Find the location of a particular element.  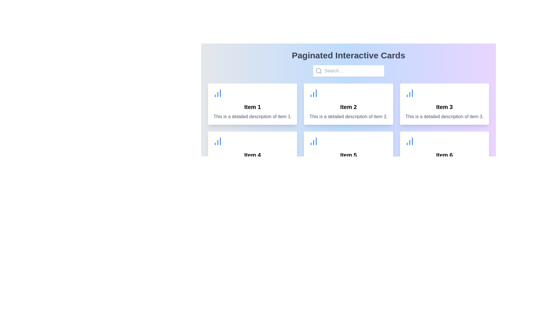

the second card in the second column of the grid layout, which visually represents an item with a title, description, and icon is located at coordinates (348, 104).